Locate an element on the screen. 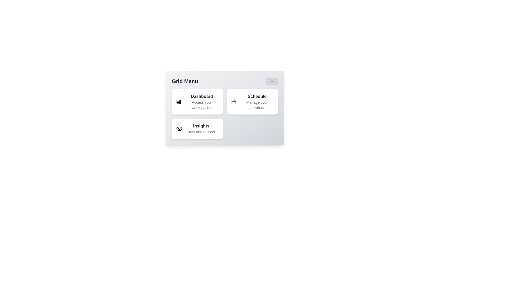  the menu item Insights to reveal additional details is located at coordinates (197, 129).